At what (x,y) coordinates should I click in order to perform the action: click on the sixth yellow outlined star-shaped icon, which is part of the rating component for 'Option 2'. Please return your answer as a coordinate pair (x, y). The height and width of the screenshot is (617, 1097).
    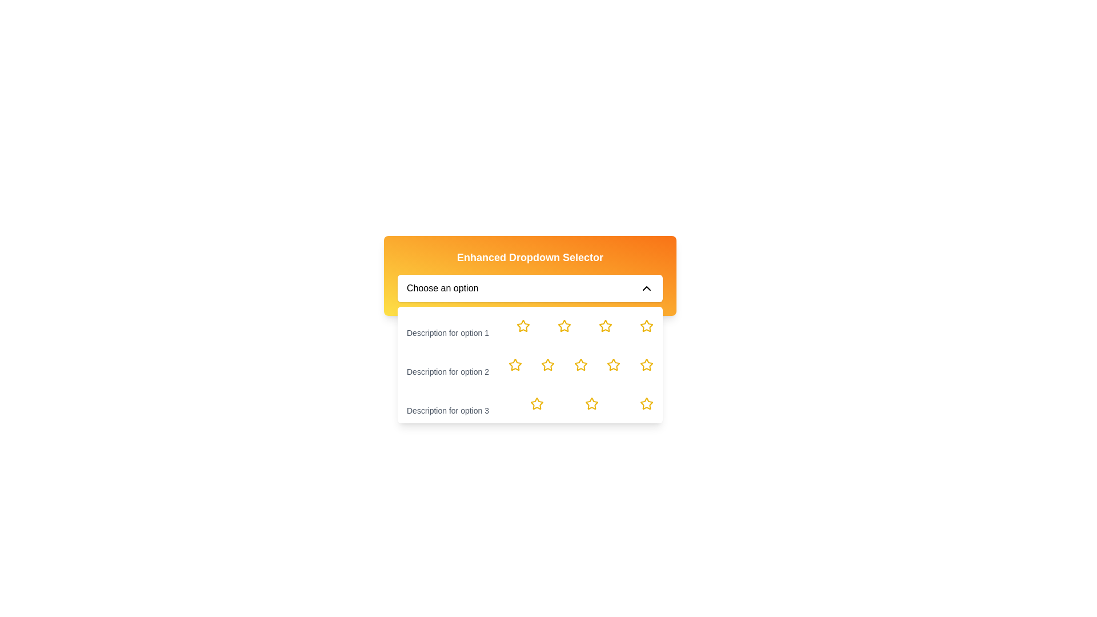
    Looking at the image, I should click on (647, 365).